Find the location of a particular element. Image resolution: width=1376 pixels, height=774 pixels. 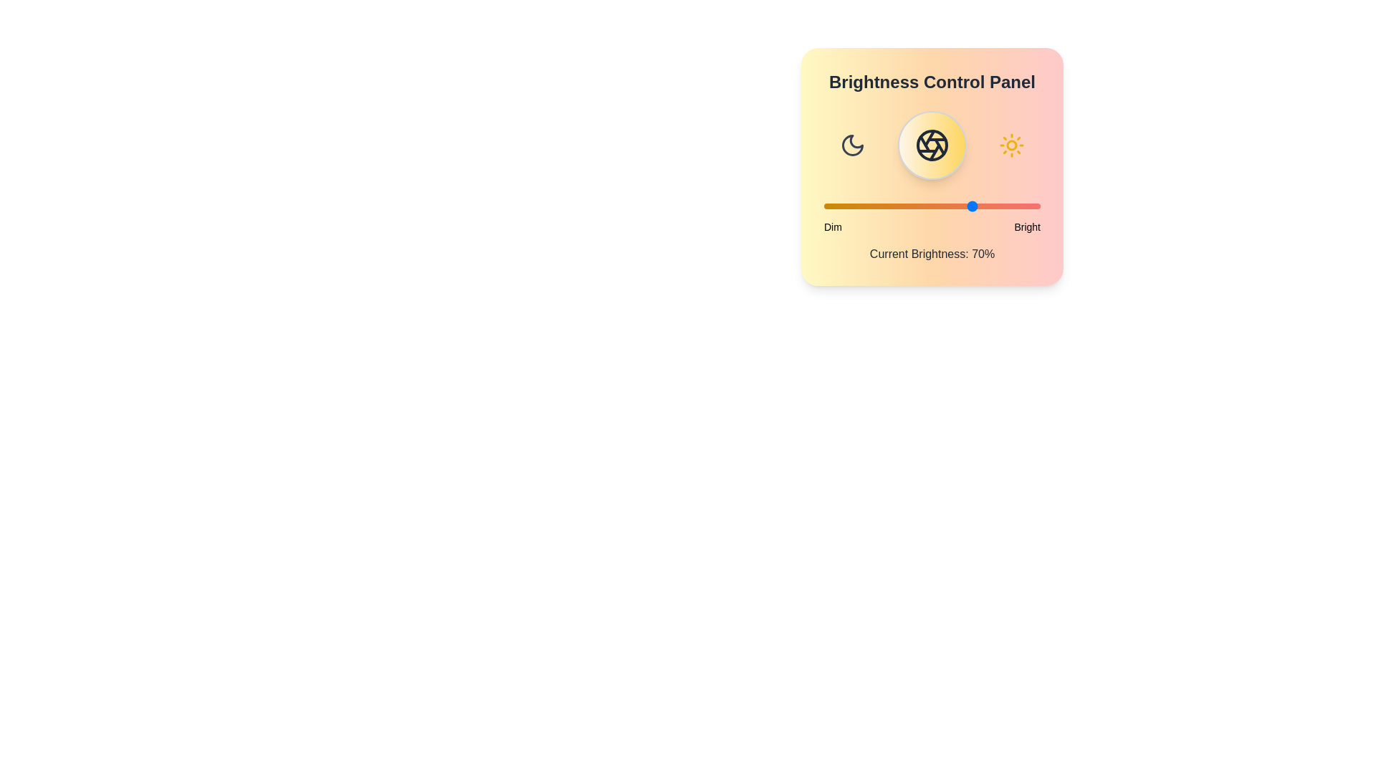

the aperture icon to provide visual feedback is located at coordinates (932, 145).